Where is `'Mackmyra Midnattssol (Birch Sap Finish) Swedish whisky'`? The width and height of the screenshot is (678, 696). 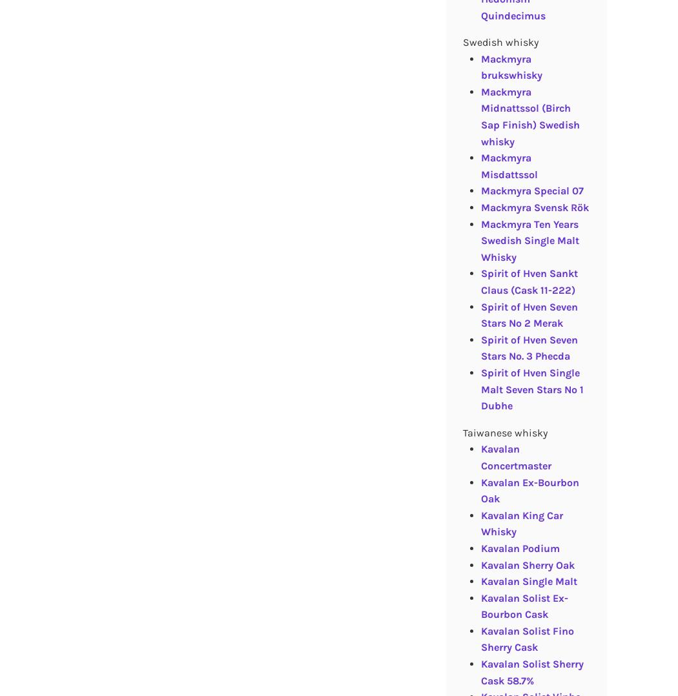
'Mackmyra Midnattssol (Birch Sap Finish) Swedish whisky' is located at coordinates (480, 116).